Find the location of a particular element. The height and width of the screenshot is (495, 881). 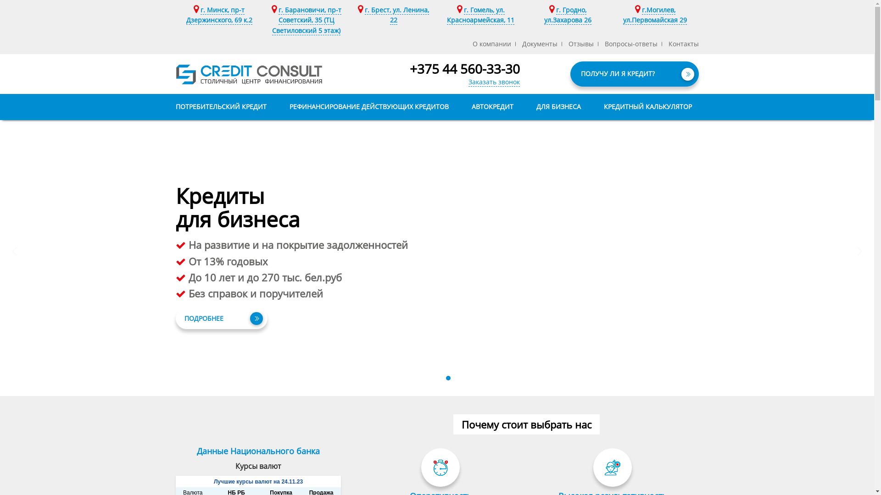

'+375 44 560-33-30' is located at coordinates (464, 68).